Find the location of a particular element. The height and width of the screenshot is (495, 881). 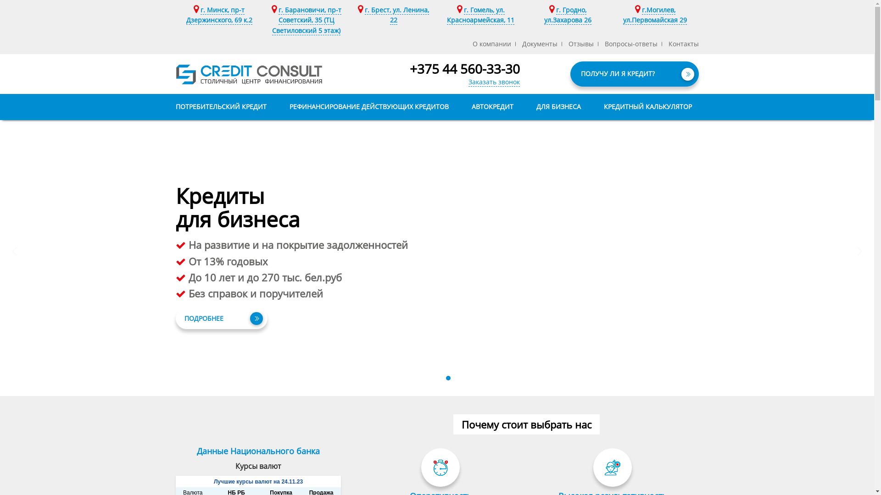

'+375 44 560-33-30' is located at coordinates (464, 68).